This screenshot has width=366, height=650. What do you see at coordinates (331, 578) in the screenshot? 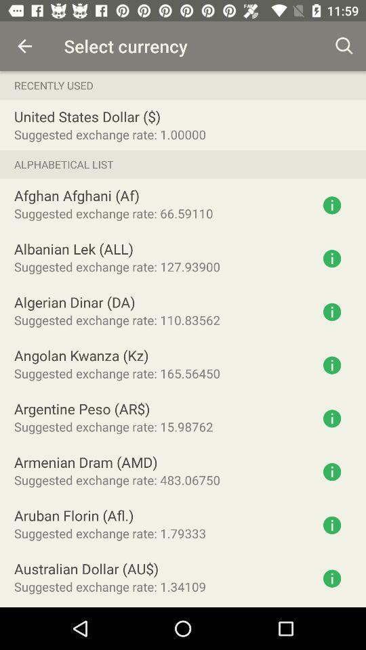
I see `information link` at bounding box center [331, 578].